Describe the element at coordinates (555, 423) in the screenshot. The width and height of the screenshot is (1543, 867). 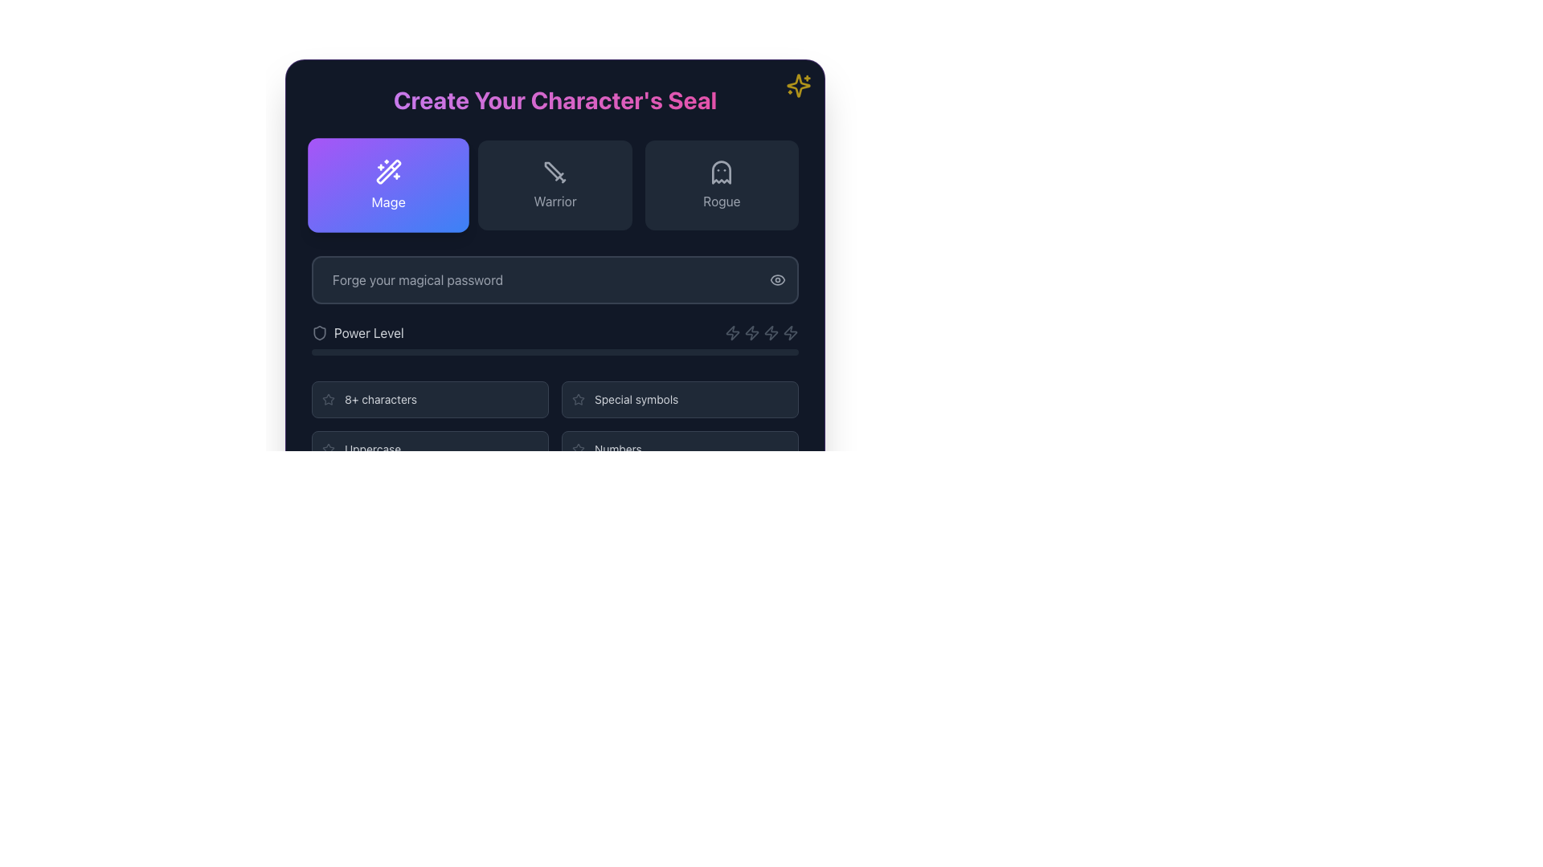
I see `the grid layout containing status indicators such as '8+ characters', 'Special symbols', 'Uppercase', and 'Numbers'` at that location.